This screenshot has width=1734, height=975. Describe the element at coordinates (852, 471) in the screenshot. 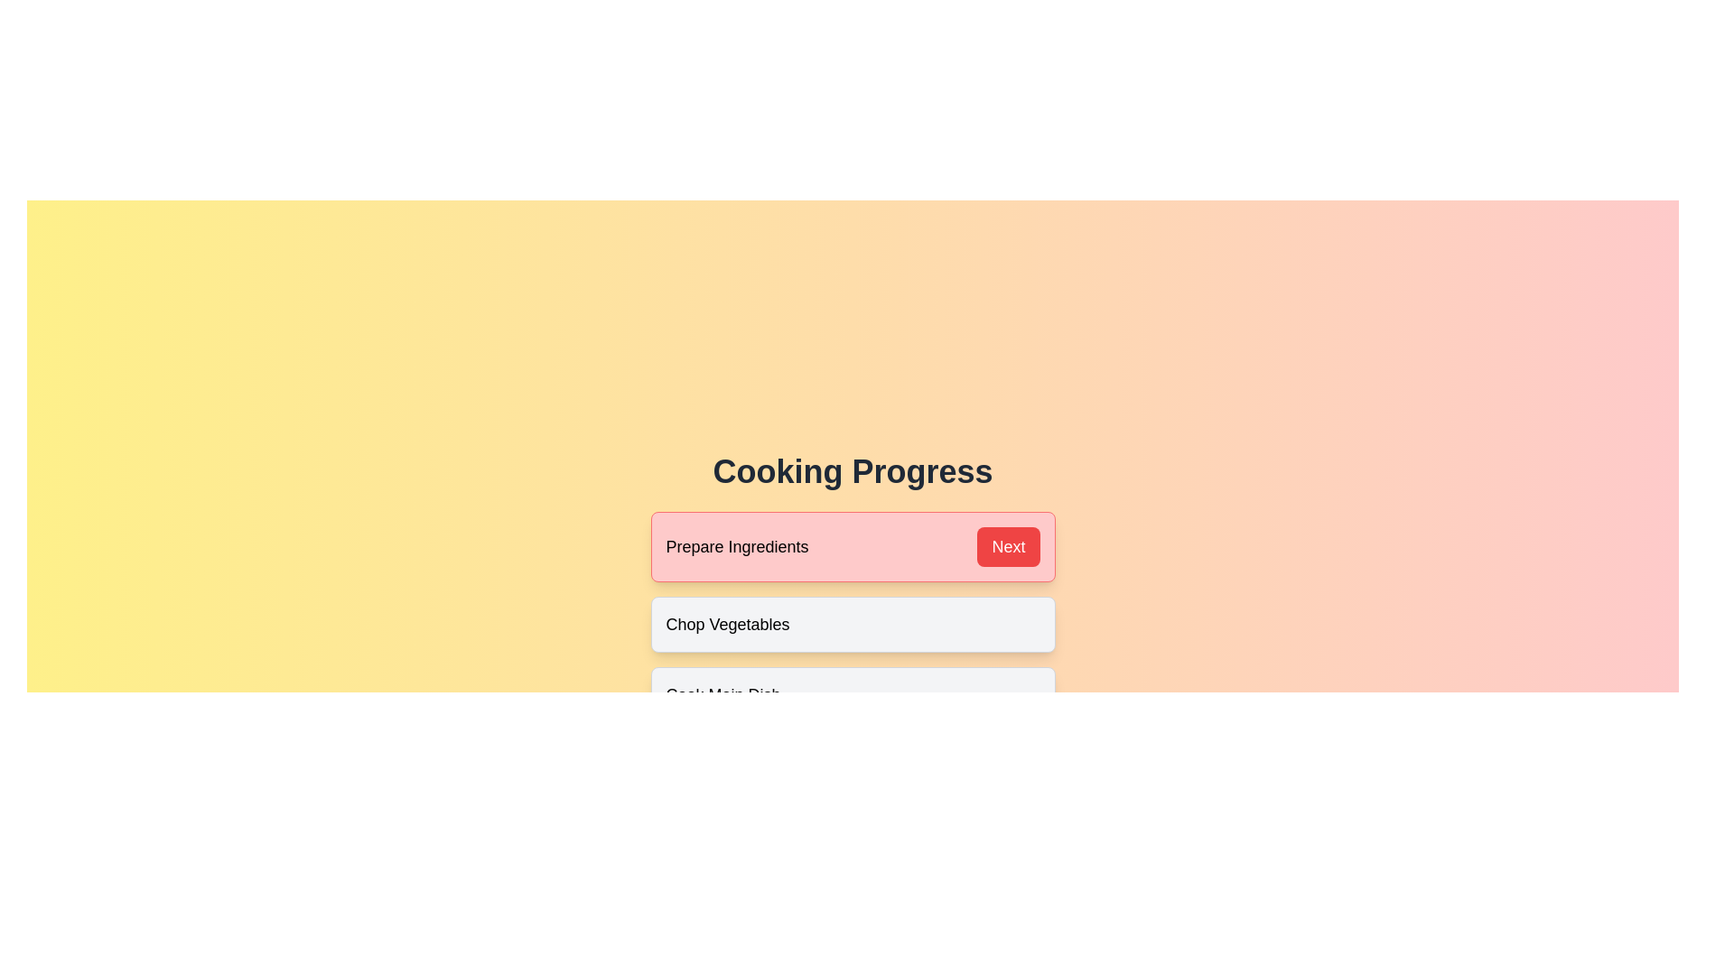

I see `the bold header titled 'Cooking Progress' that is centrally aligned at the top of the interface with a gradient background from yellow to red` at that location.